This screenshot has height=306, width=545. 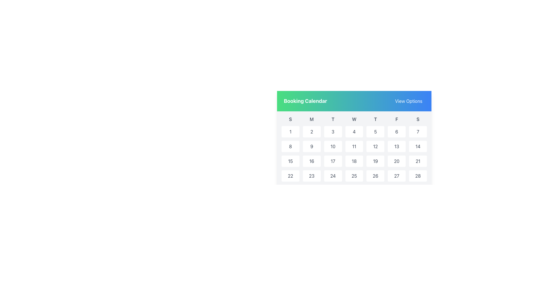 I want to click on the calendar day cell representing the 15th day of the month, so click(x=290, y=161).